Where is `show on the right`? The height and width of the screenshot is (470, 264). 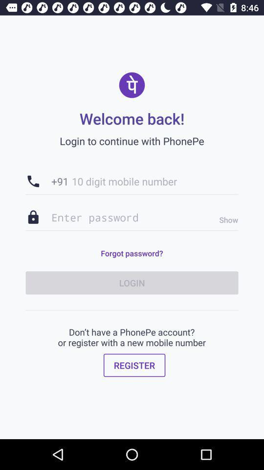 show on the right is located at coordinates (226, 220).